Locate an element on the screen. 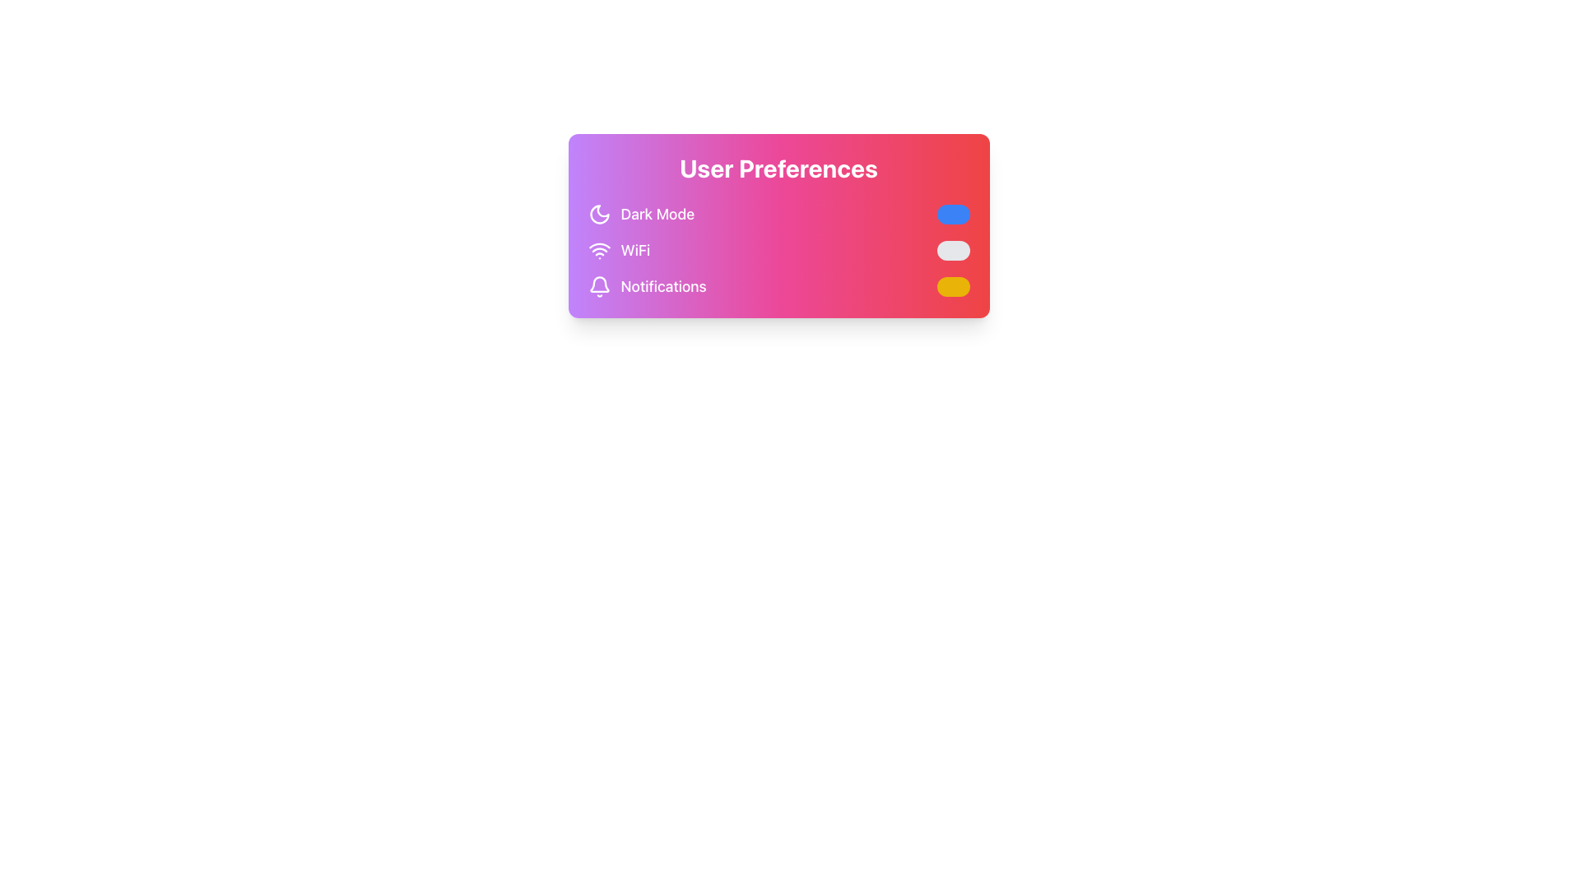 The width and height of the screenshot is (1580, 888). the toggle switch for the WiFi setting located in the second item of the 'User Preferences' list, positioned below 'Dark Mode' and above 'Notifications' is located at coordinates (778, 250).